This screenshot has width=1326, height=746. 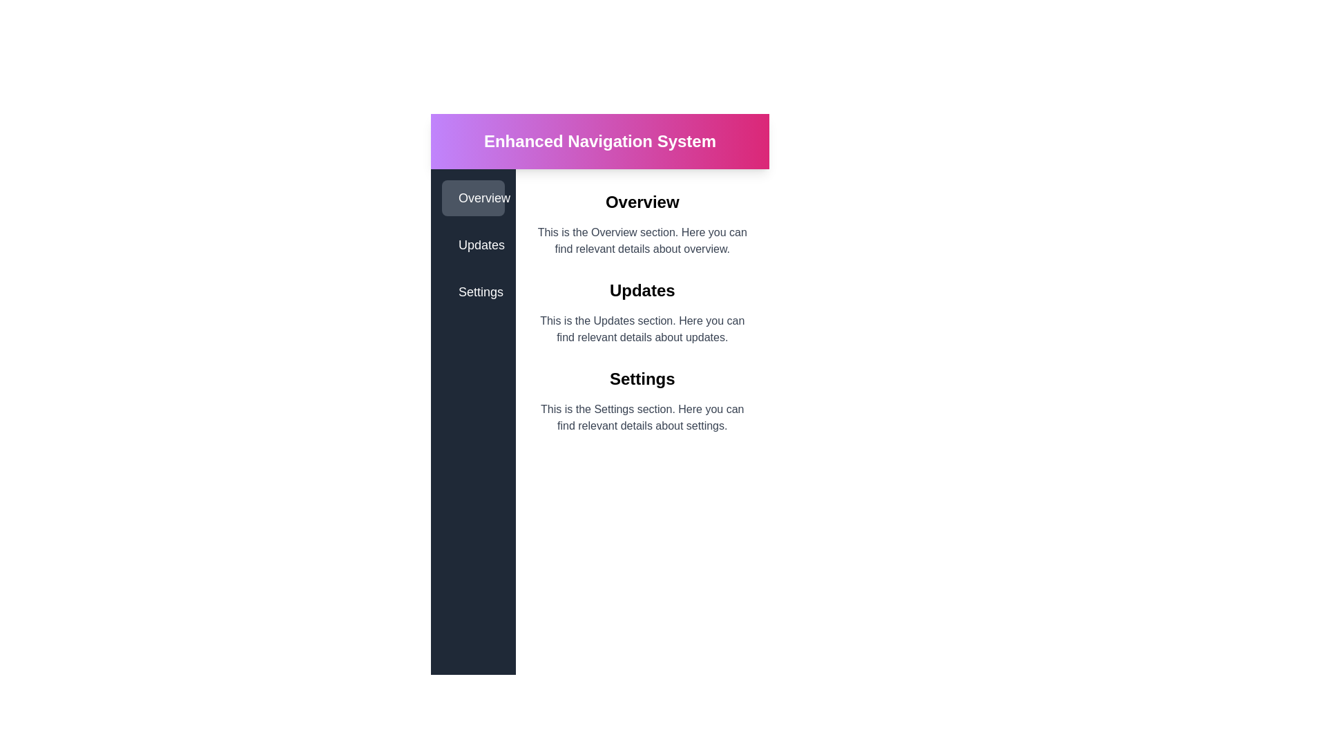 What do you see at coordinates (642, 240) in the screenshot?
I see `explanatory text content located in the 'Overview' section, which is positioned centrally below the main heading` at bounding box center [642, 240].